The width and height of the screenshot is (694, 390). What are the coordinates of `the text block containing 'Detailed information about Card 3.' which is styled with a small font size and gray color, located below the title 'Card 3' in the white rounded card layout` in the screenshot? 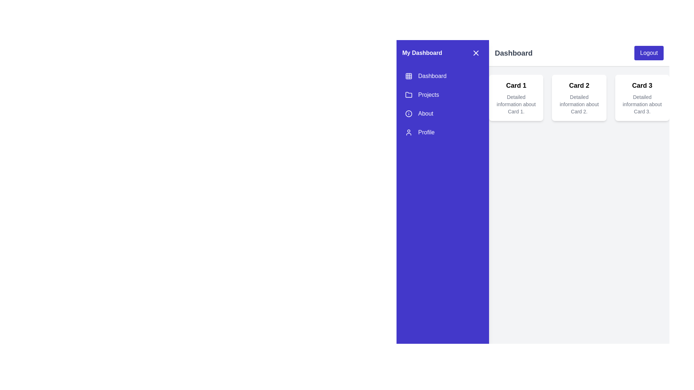 It's located at (642, 104).